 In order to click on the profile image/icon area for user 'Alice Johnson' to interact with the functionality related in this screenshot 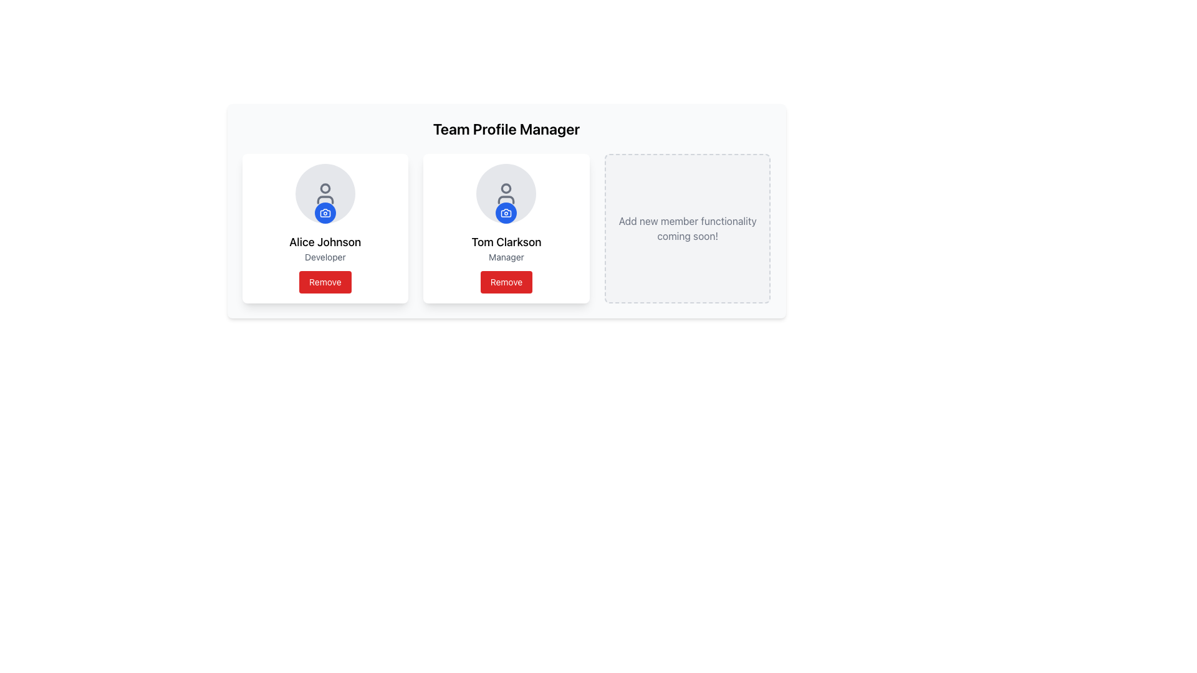, I will do `click(325, 194)`.